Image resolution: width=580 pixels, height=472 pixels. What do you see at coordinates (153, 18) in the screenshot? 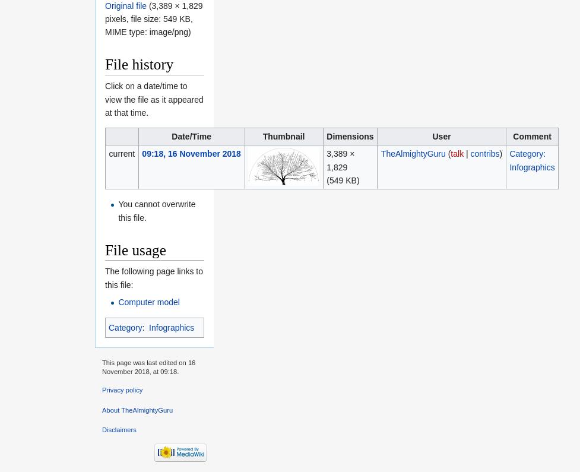
I see `'(3,389 × 1,829 pixels, file size: 549 KB, MIME type:'` at bounding box center [153, 18].